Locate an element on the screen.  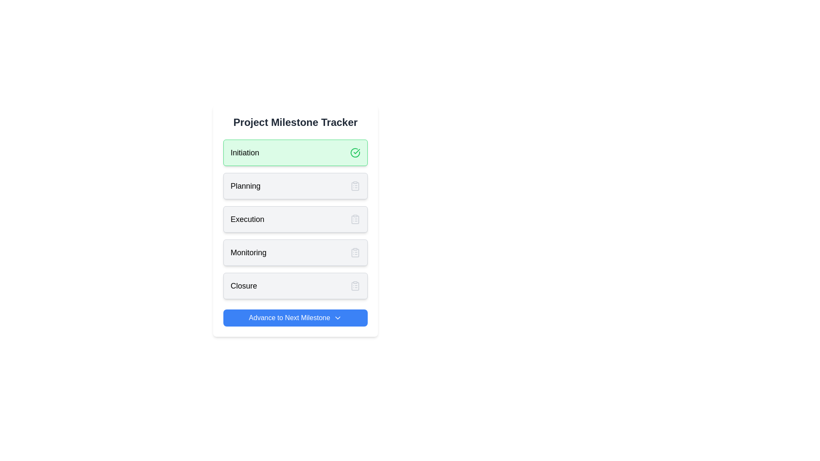
the completion of the 'Initiation' phase in the 'Project Milestone Tracker' by clicking on the active list item marked with a green circle check icon is located at coordinates (295, 152).